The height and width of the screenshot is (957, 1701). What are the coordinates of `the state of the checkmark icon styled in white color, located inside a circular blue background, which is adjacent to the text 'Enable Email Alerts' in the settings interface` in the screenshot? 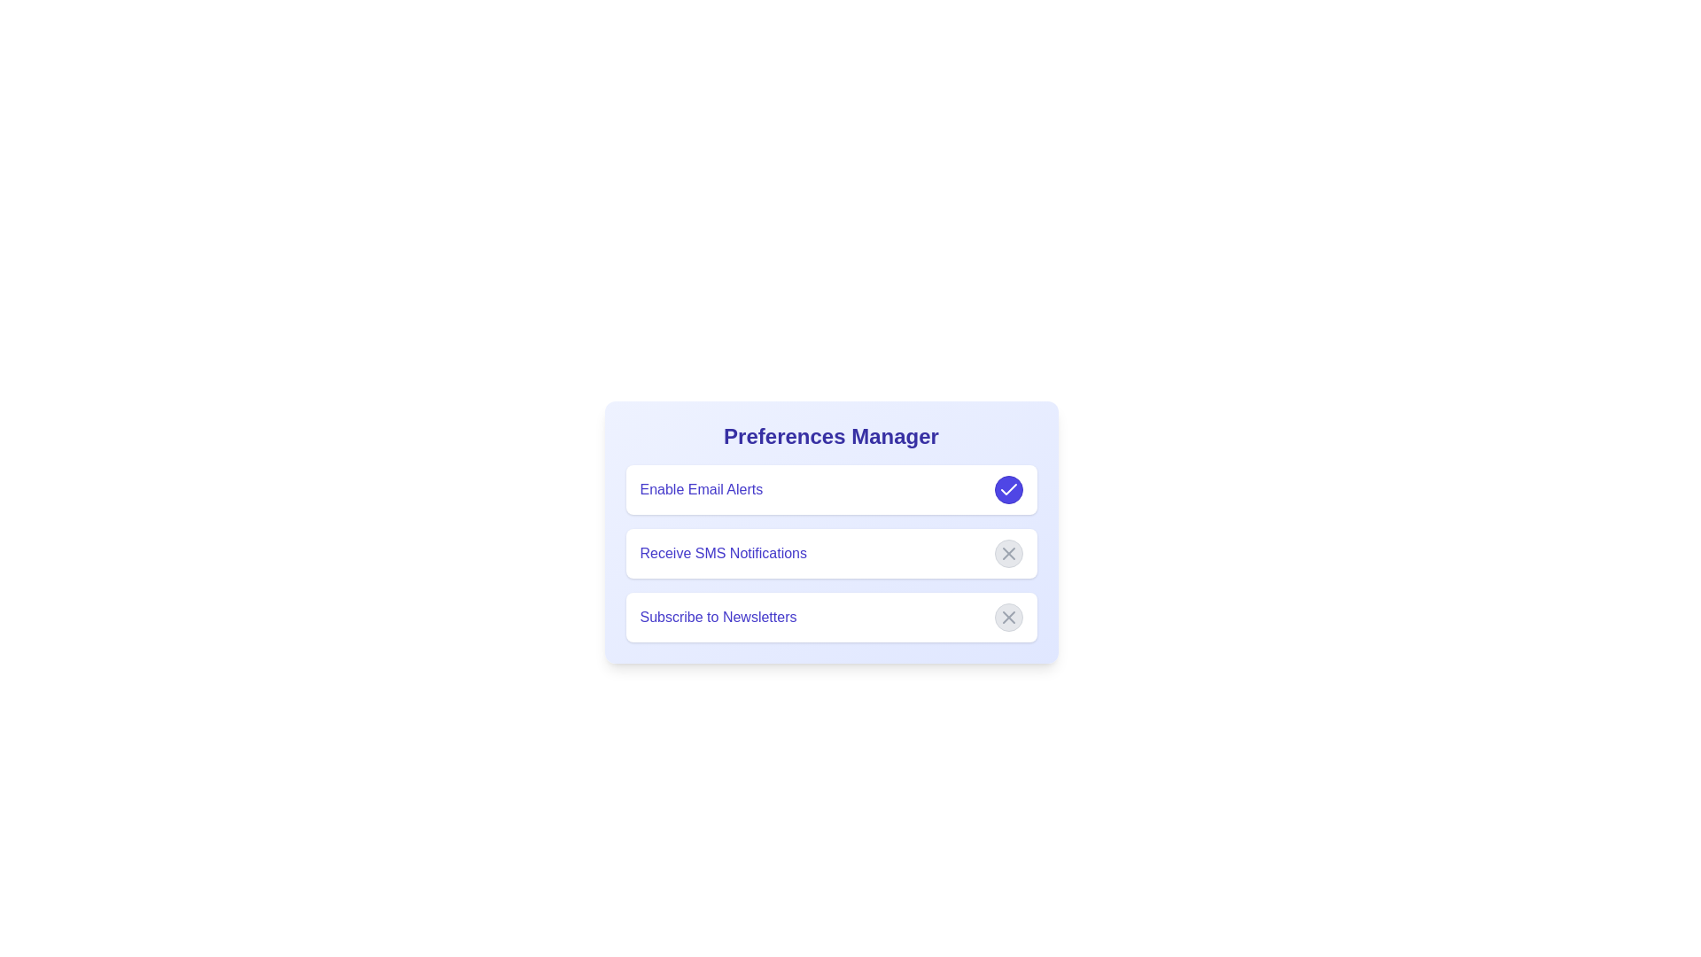 It's located at (1008, 489).